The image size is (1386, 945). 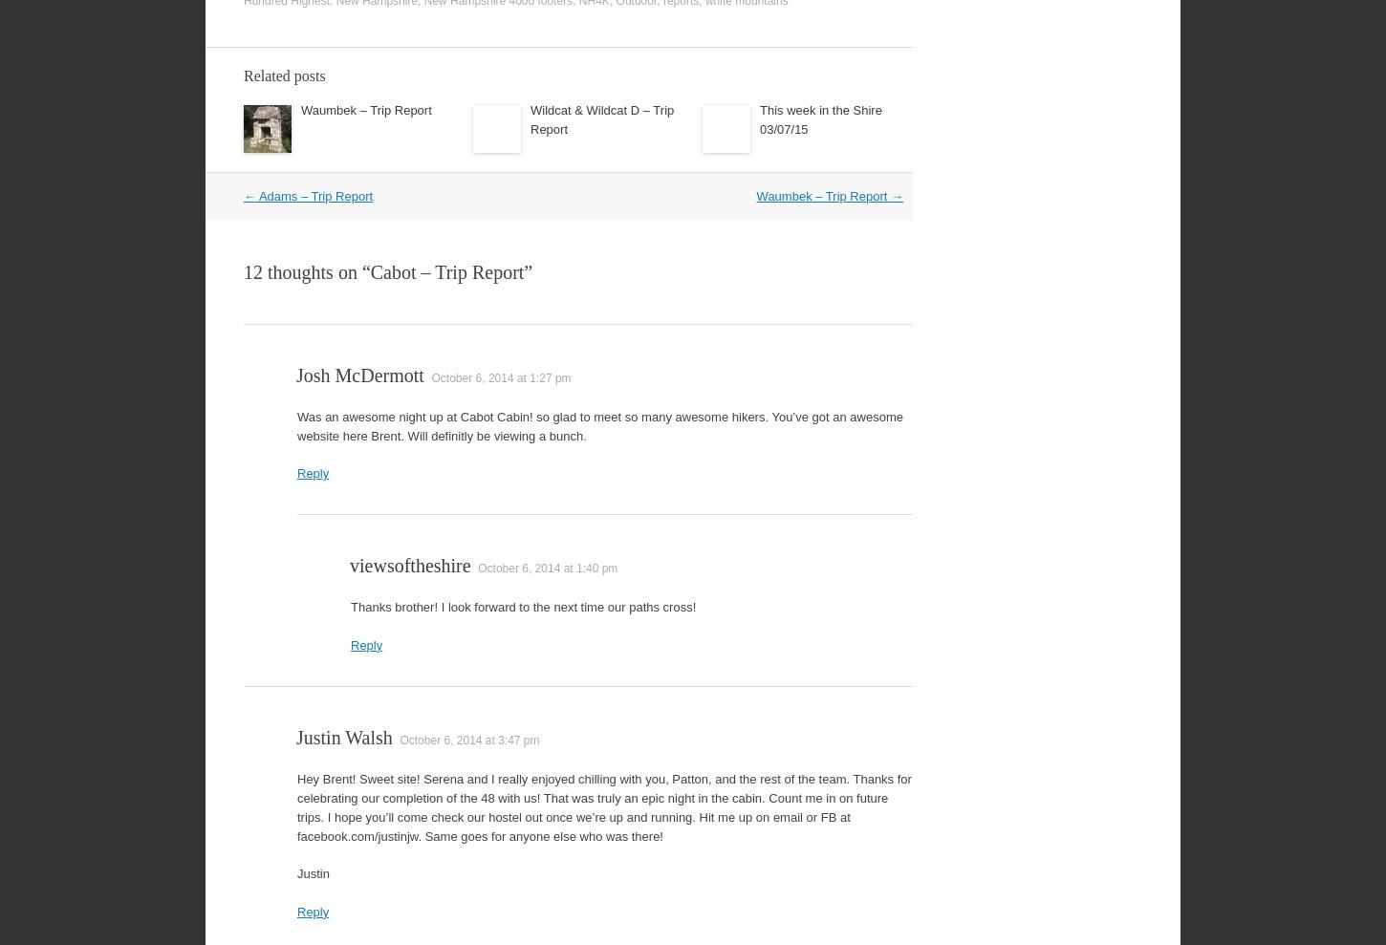 I want to click on 'This week in the Shire 03/07/15', so click(x=819, y=118).